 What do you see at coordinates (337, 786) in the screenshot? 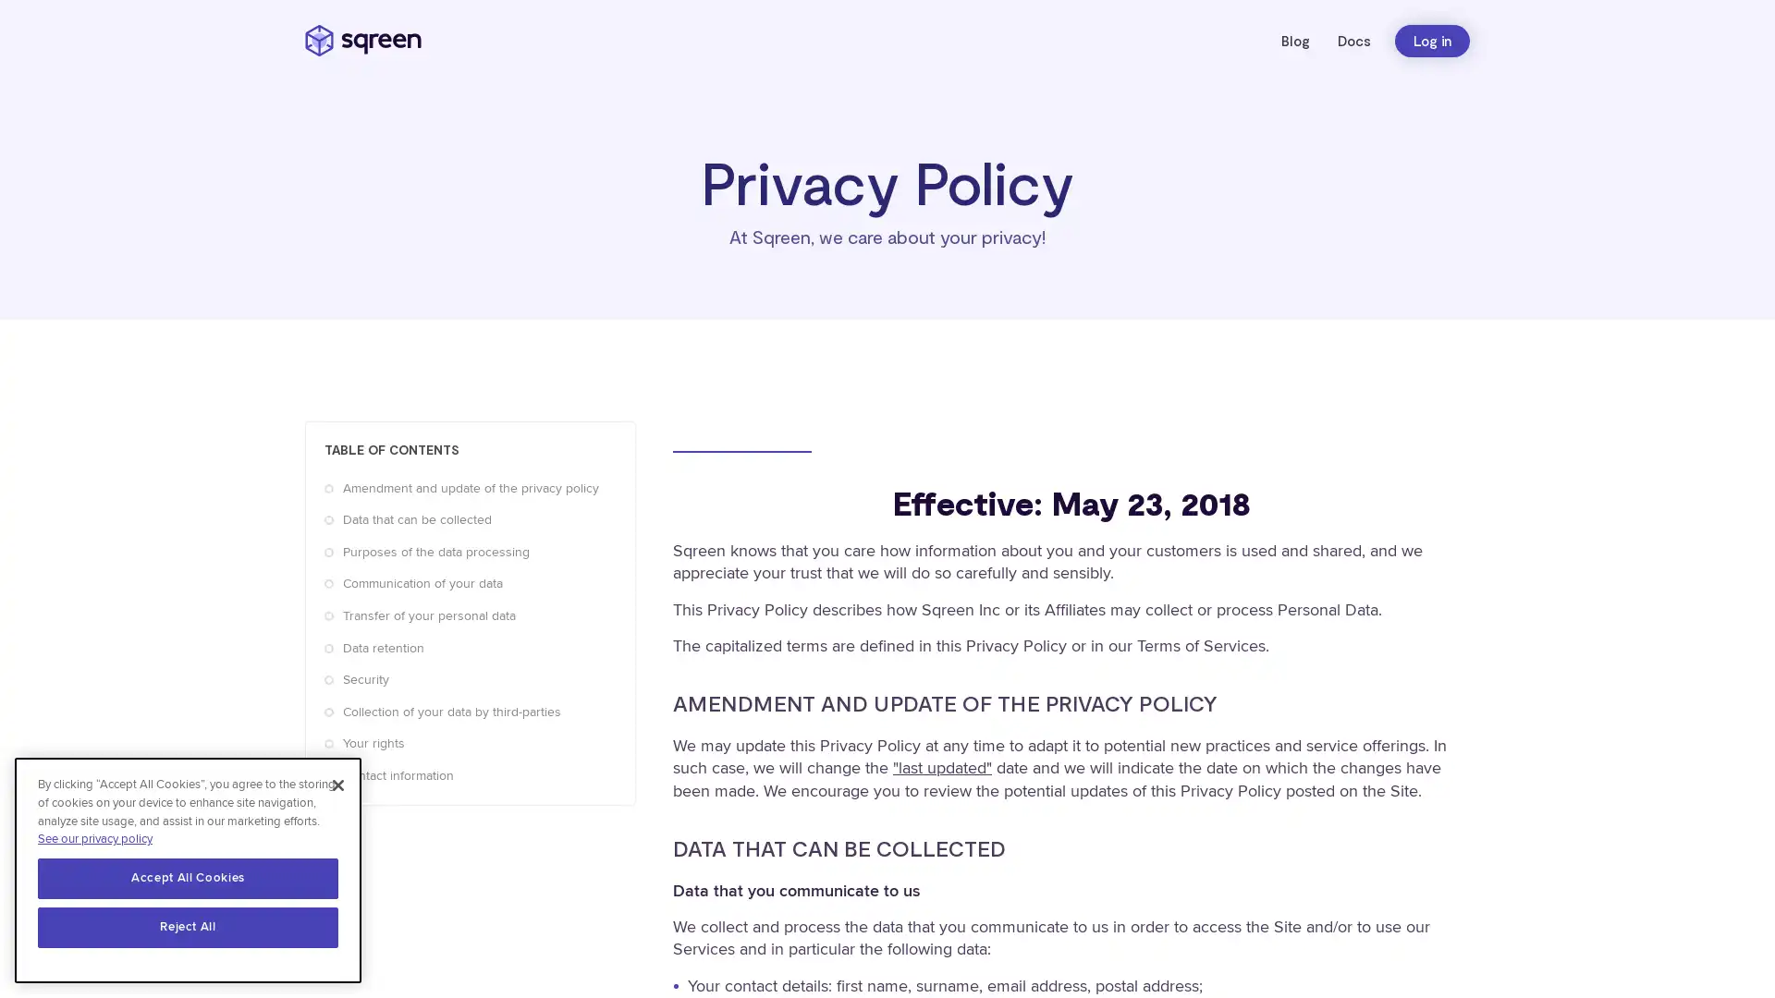
I see `Close` at bounding box center [337, 786].